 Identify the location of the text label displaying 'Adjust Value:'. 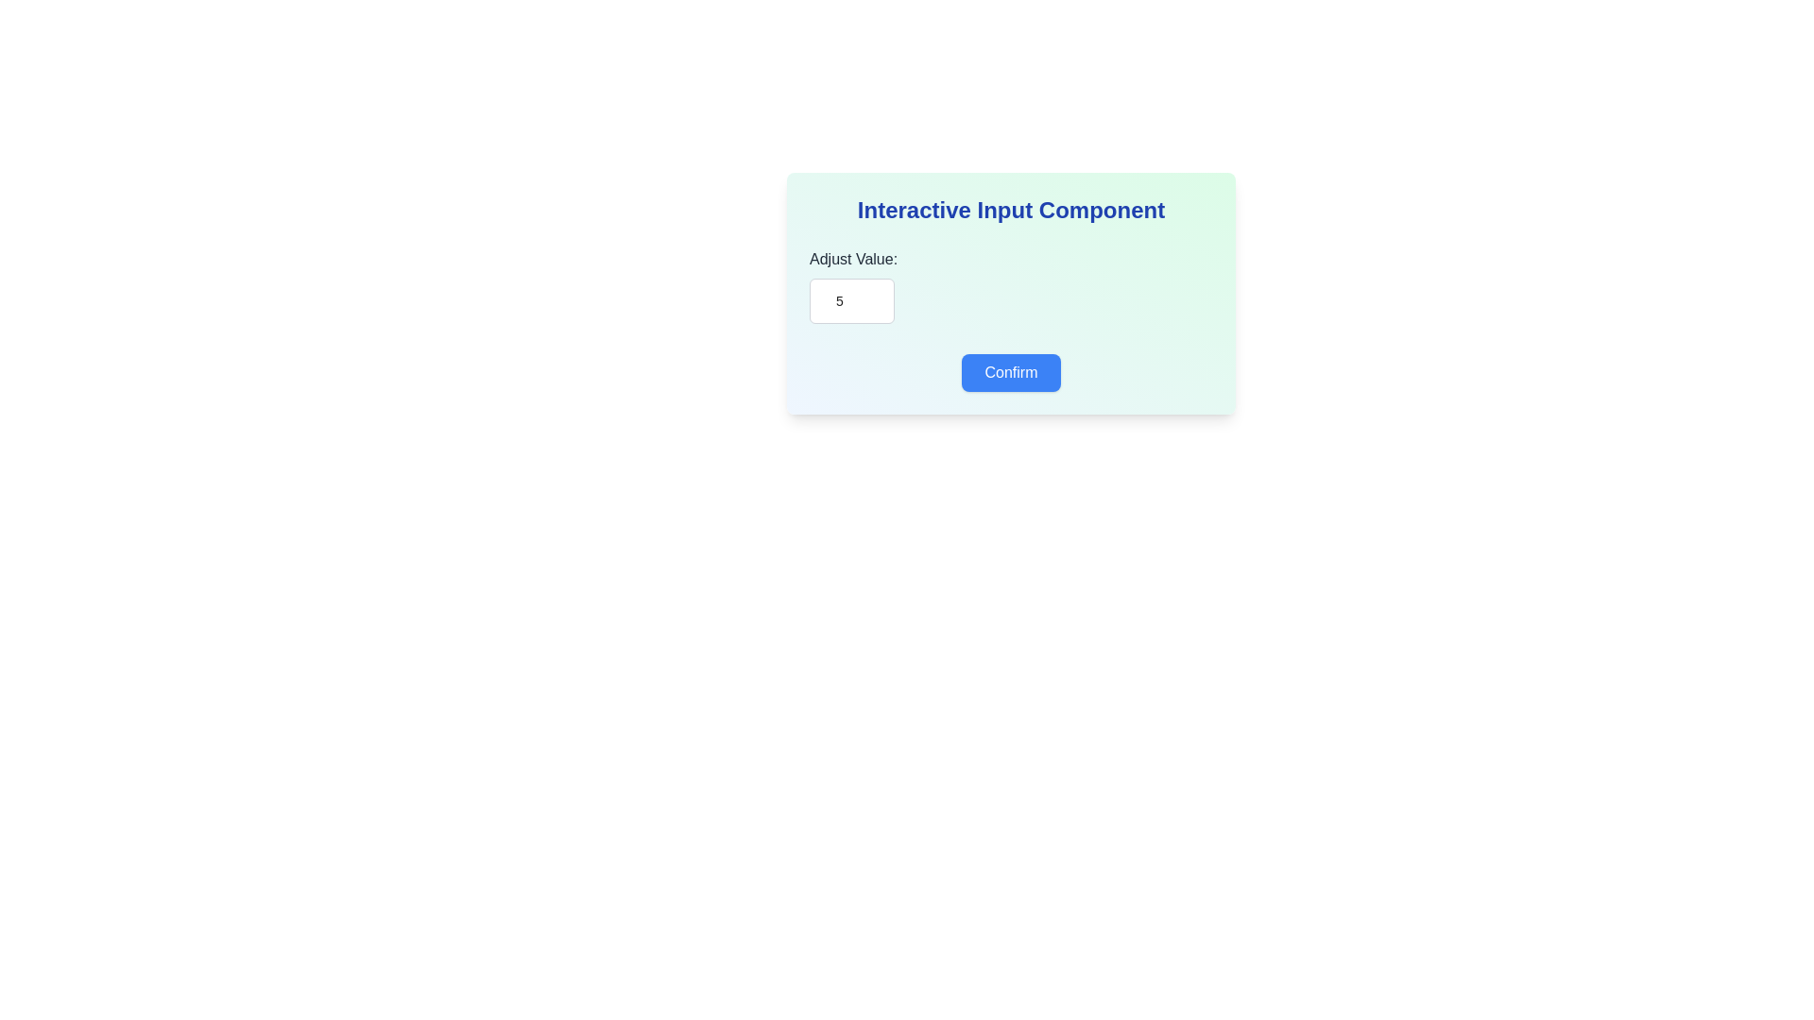
(852, 259).